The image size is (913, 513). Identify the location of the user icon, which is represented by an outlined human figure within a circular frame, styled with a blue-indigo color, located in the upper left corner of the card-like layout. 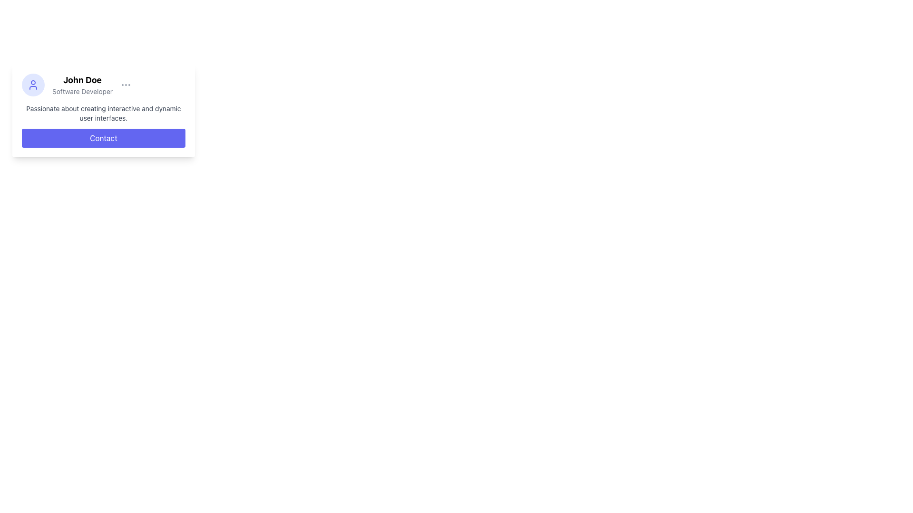
(33, 84).